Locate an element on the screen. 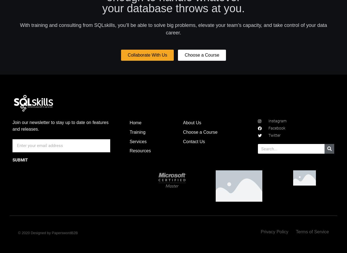  'Facebook' is located at coordinates (276, 128).